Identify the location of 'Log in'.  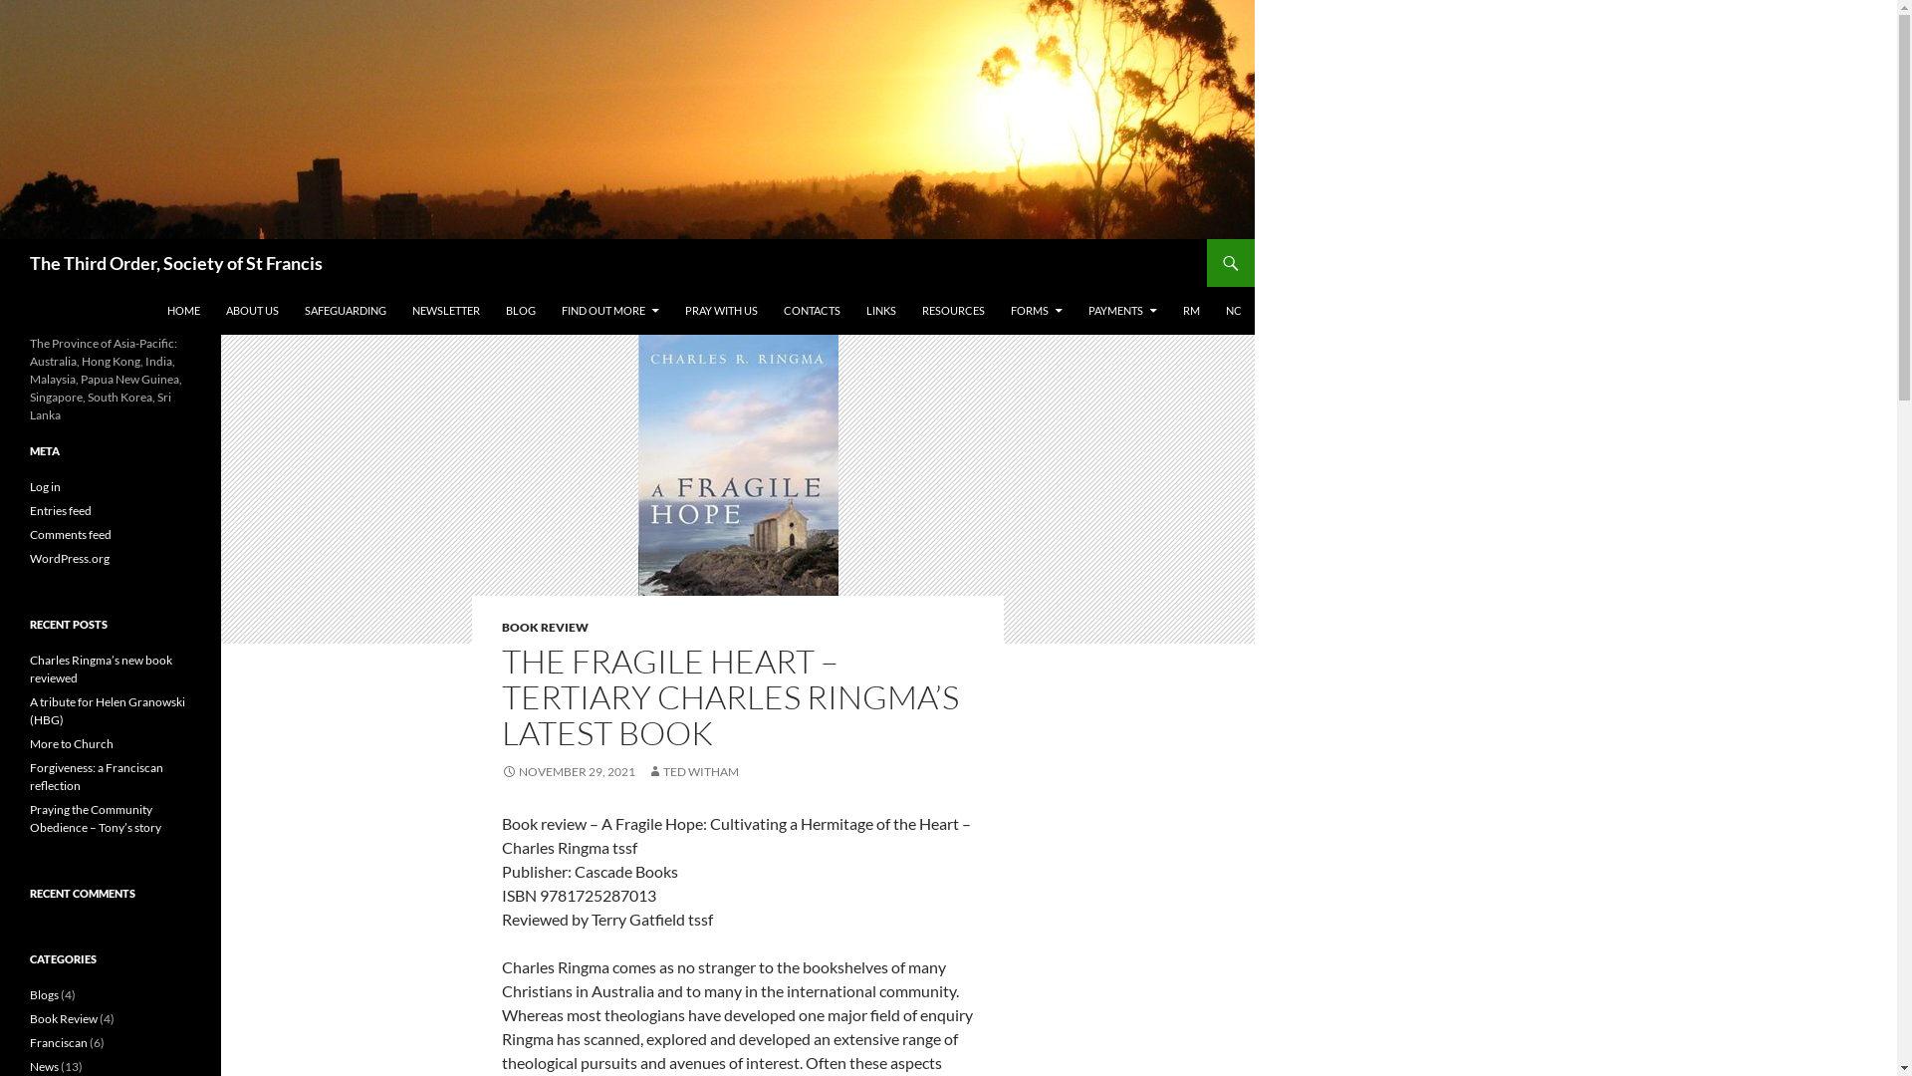
(45, 486).